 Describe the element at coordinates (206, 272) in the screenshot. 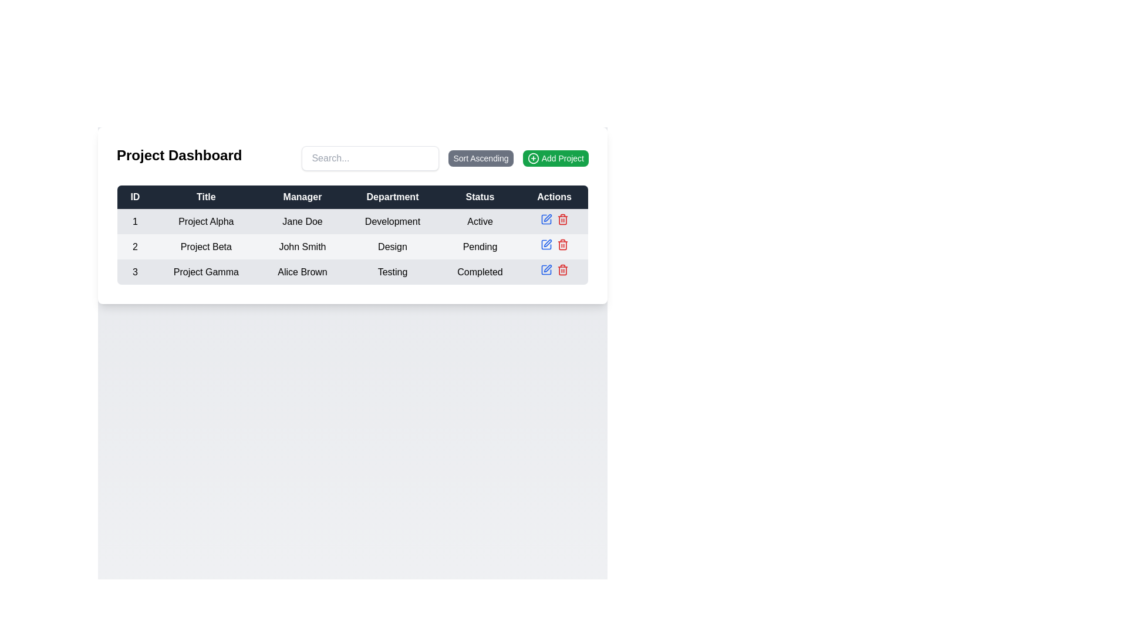

I see `text of the label that displays 'Project Gamma' in the third row of the table under the 'Title' column, which is styled with a gray background` at that location.